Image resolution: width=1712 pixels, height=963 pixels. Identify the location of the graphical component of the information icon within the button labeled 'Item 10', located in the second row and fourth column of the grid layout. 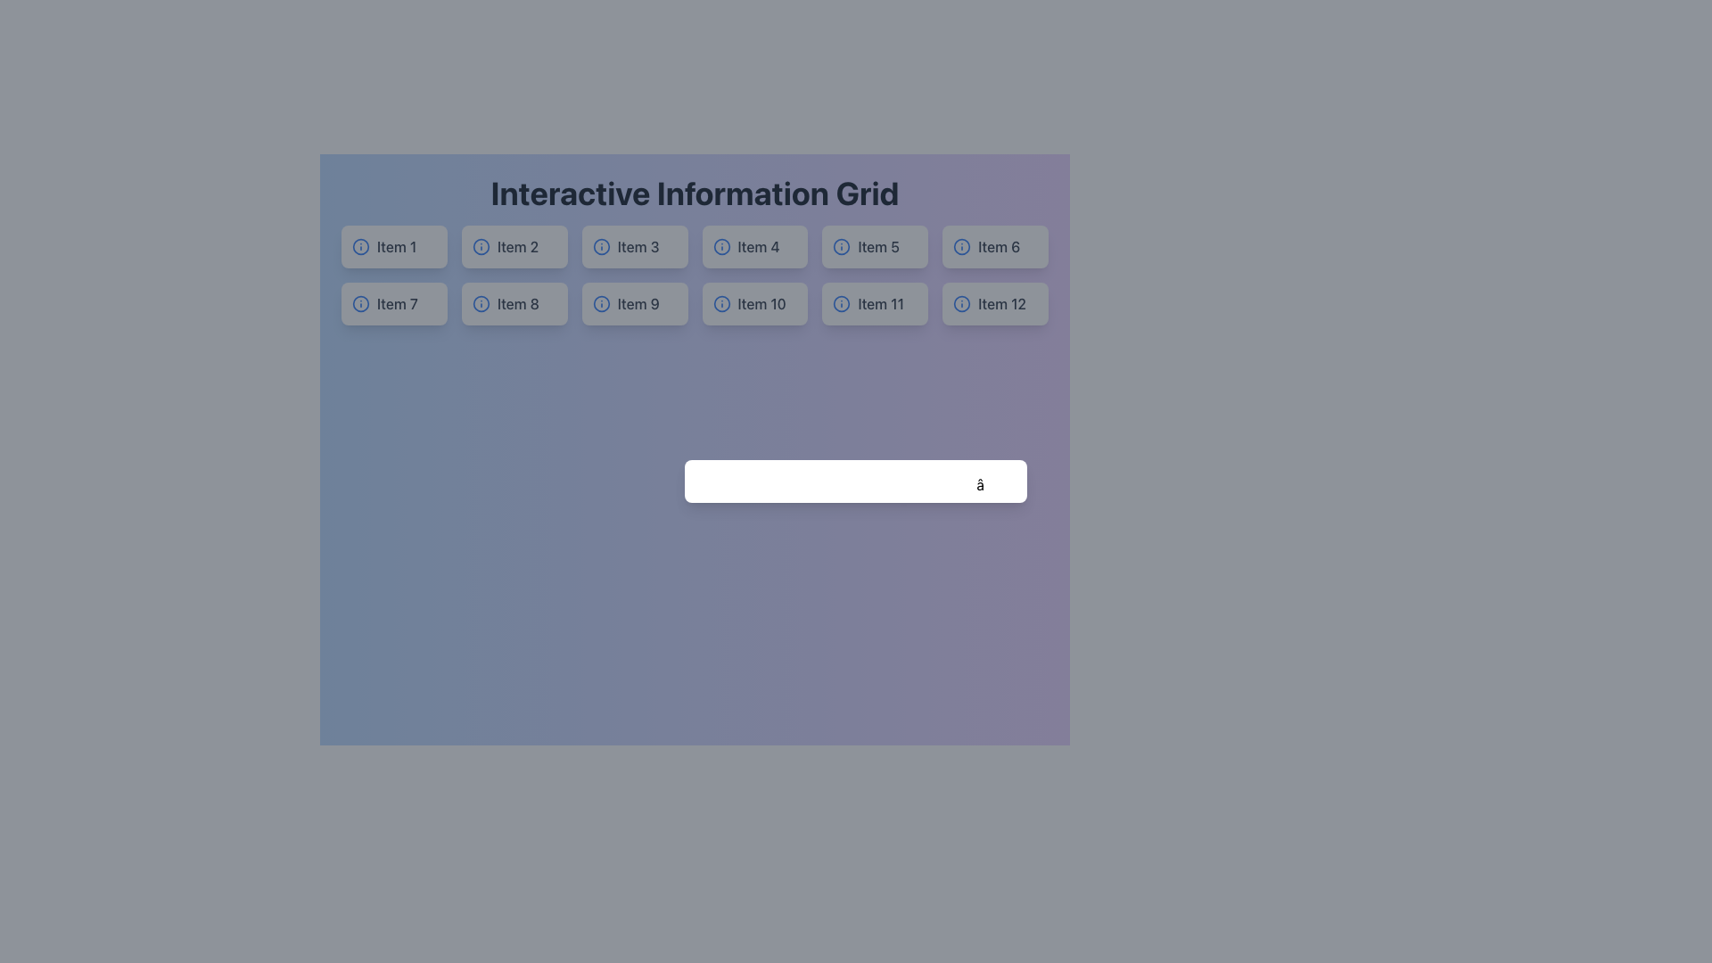
(721, 302).